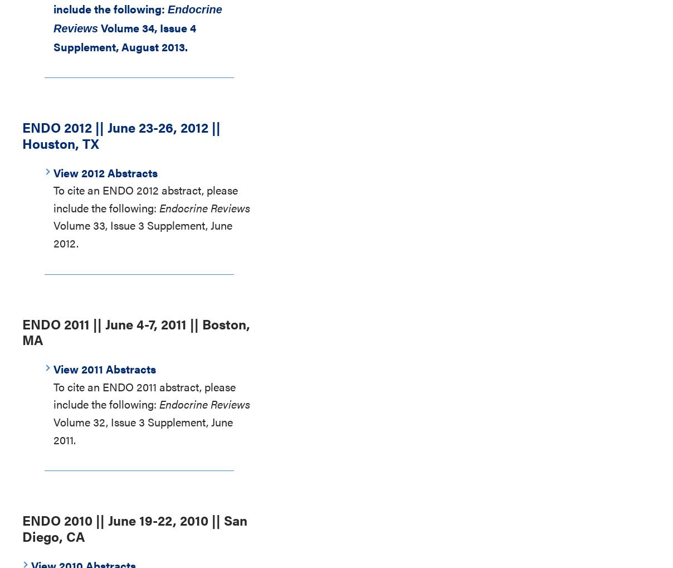 This screenshot has height=568, width=673. What do you see at coordinates (53, 36) in the screenshot?
I see `'Volume 34, Issue 4 Supplement, August 2013.'` at bounding box center [53, 36].